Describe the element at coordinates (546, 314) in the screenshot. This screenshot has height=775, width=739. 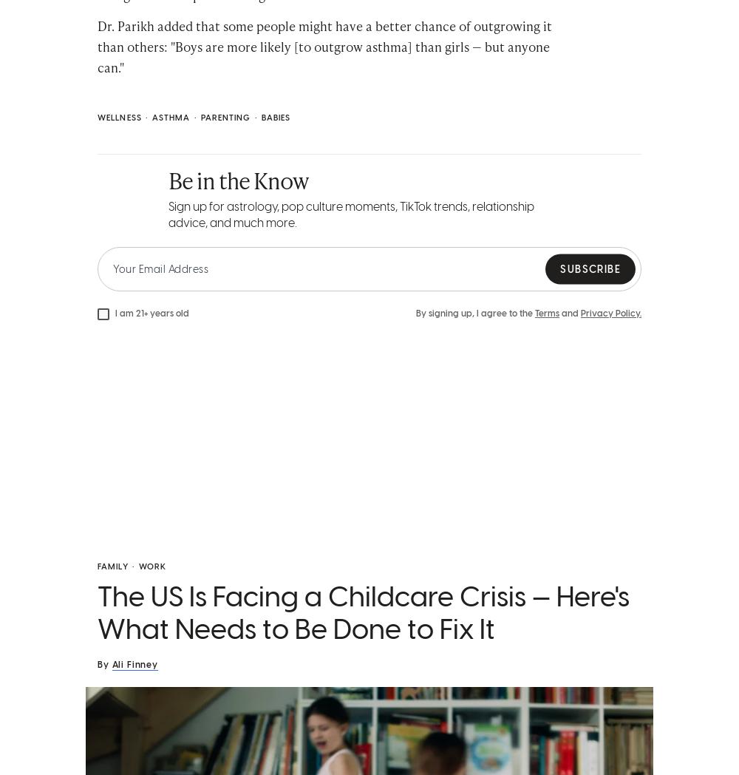
I see `'Terms'` at that location.